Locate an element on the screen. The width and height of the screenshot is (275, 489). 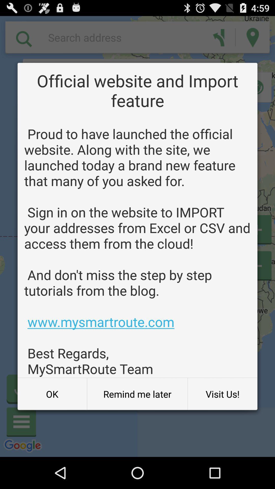
the button to the left of the remind me later button is located at coordinates (52, 394).